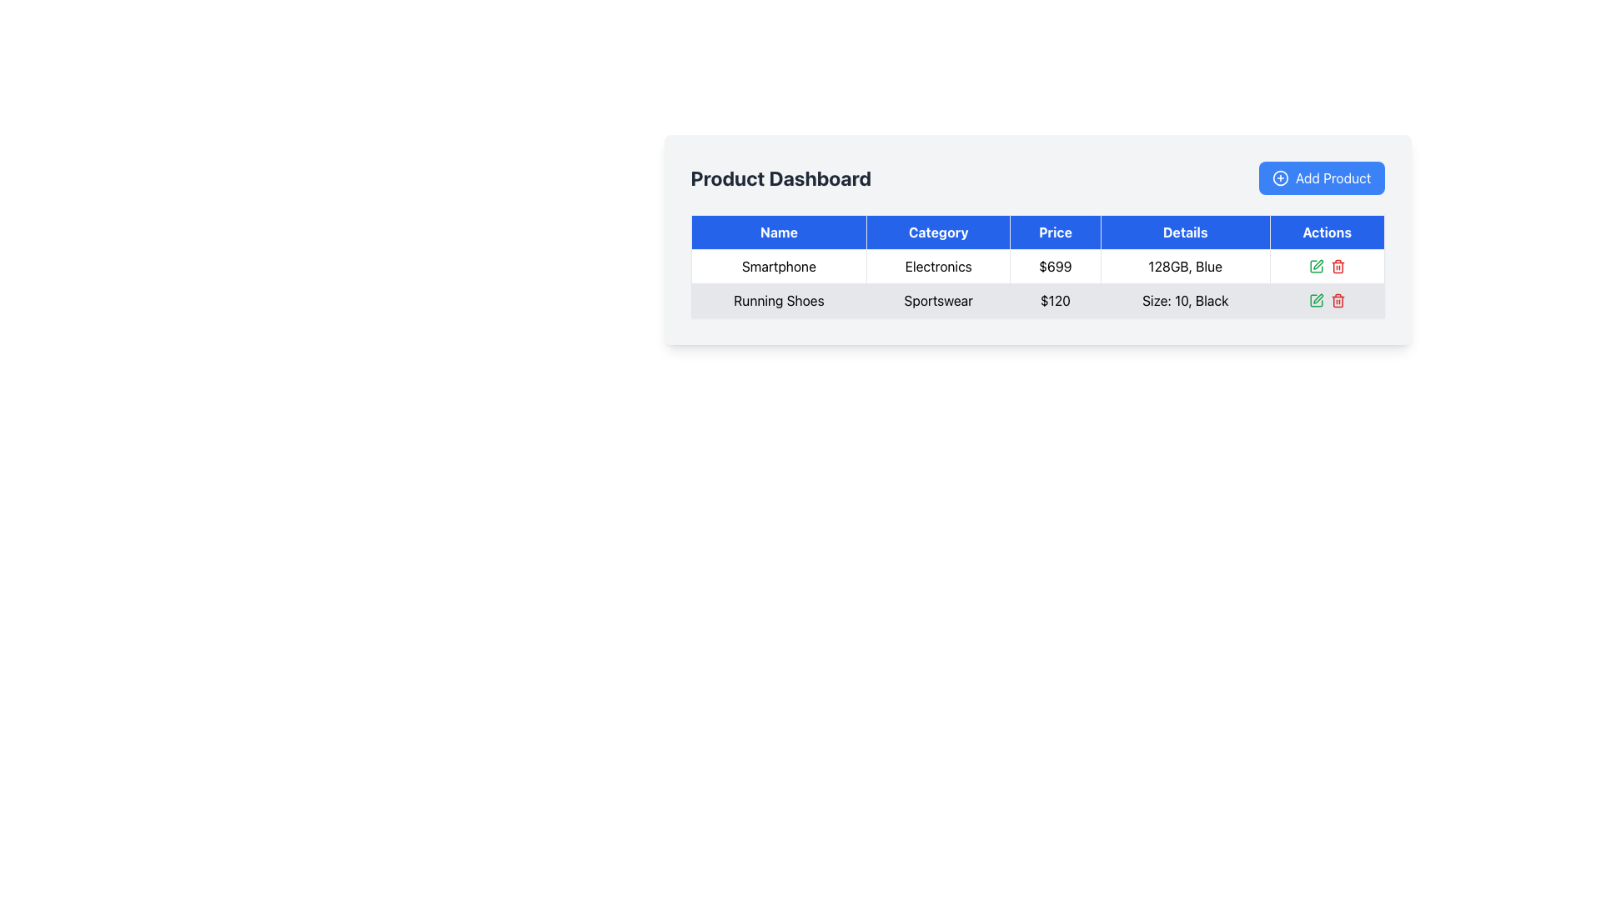  I want to click on the Text Label displaying 'Running Shoes' in the first column of the second row in the table layout, so click(778, 301).